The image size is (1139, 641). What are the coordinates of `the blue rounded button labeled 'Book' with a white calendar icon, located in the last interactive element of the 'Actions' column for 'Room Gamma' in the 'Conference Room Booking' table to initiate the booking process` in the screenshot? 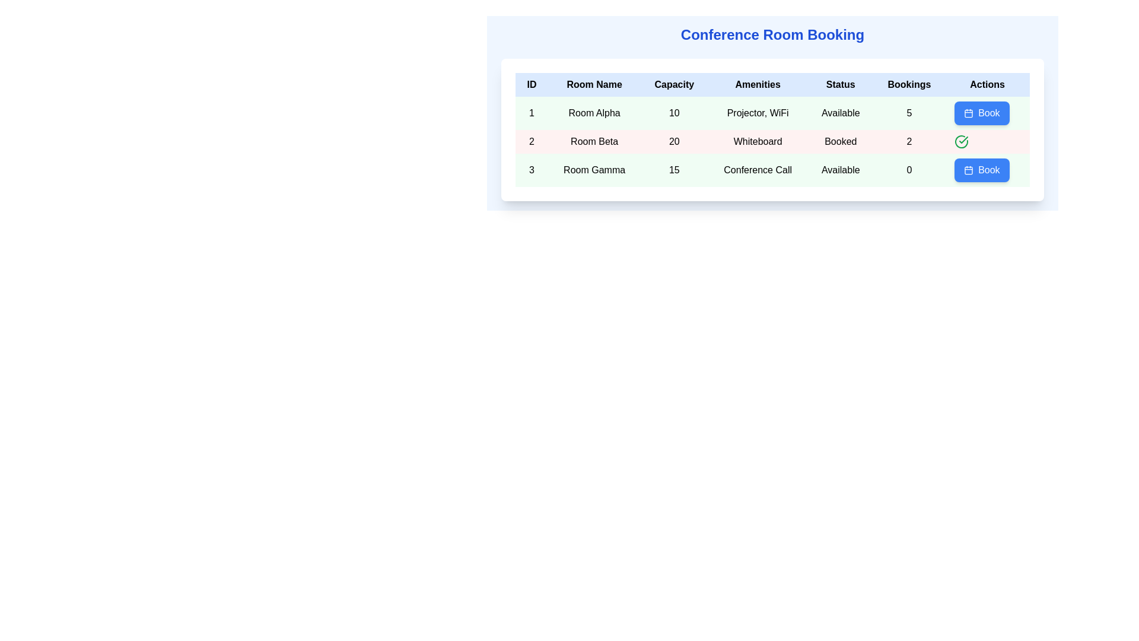 It's located at (982, 170).